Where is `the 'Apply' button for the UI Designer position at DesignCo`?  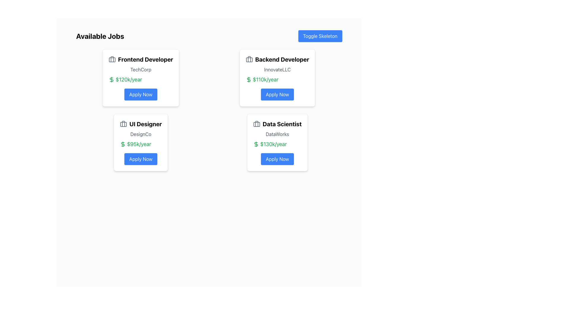 the 'Apply' button for the UI Designer position at DesignCo is located at coordinates (140, 159).